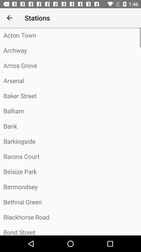 This screenshot has height=252, width=141. Describe the element at coordinates (70, 230) in the screenshot. I see `the icon below the blackhorse road item` at that location.